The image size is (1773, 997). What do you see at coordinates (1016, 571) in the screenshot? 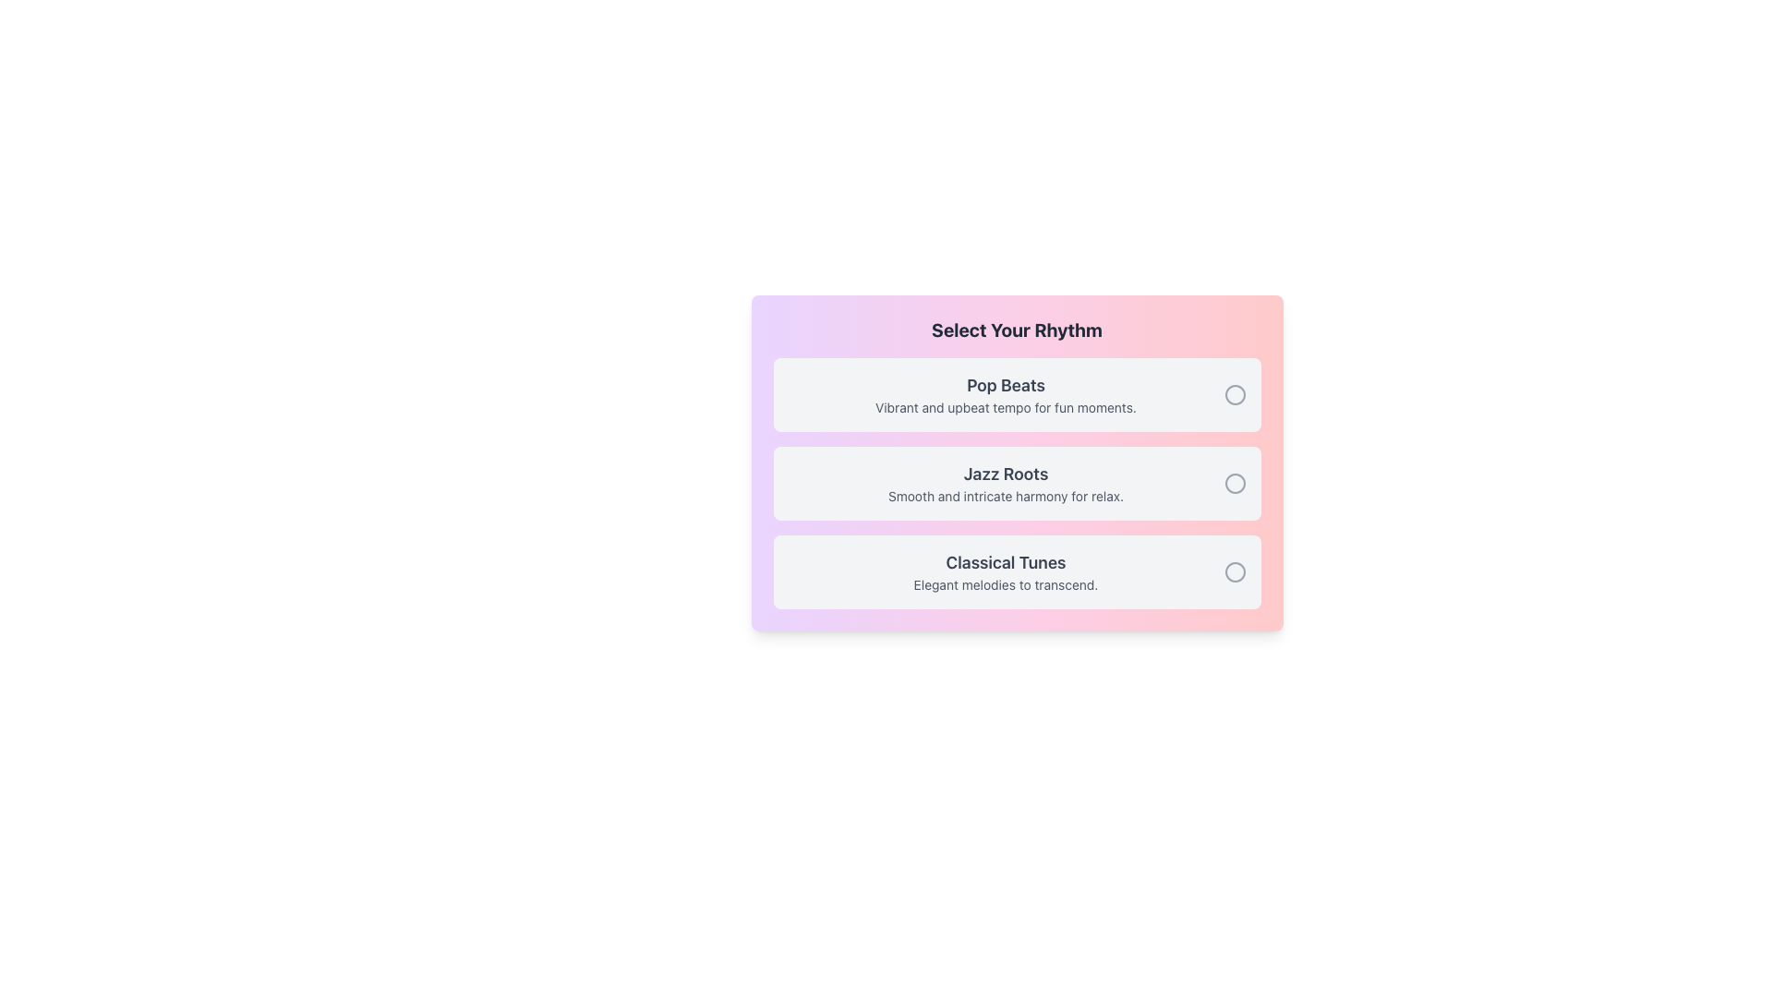
I see `the selectable card option representing a music theme` at bounding box center [1016, 571].